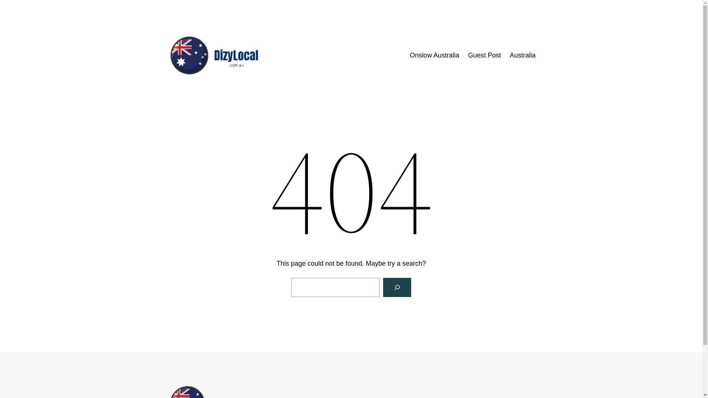  What do you see at coordinates (484, 55) in the screenshot?
I see `'Guest Post'` at bounding box center [484, 55].